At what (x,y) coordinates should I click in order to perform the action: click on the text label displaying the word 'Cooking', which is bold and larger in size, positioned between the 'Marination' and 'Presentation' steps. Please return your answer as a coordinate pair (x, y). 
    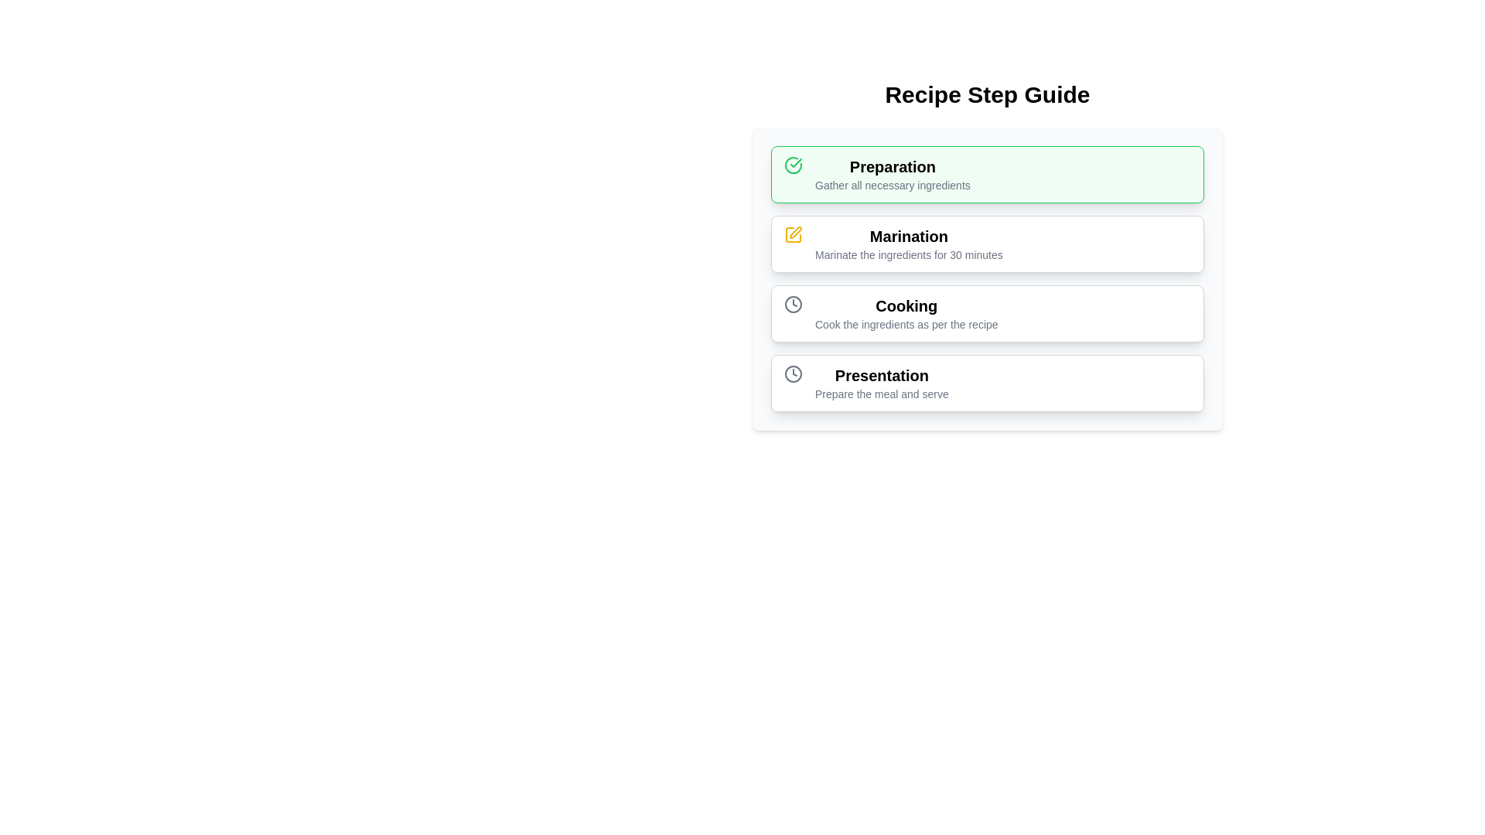
    Looking at the image, I should click on (906, 306).